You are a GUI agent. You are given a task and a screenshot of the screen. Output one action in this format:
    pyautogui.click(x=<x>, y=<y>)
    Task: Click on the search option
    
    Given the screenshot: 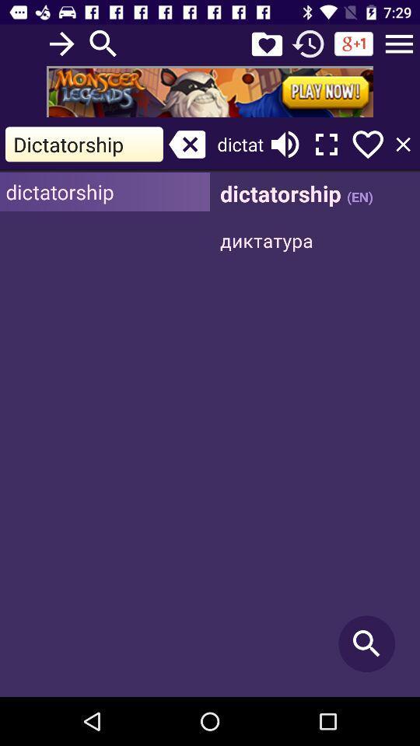 What is the action you would take?
    pyautogui.click(x=103, y=43)
    